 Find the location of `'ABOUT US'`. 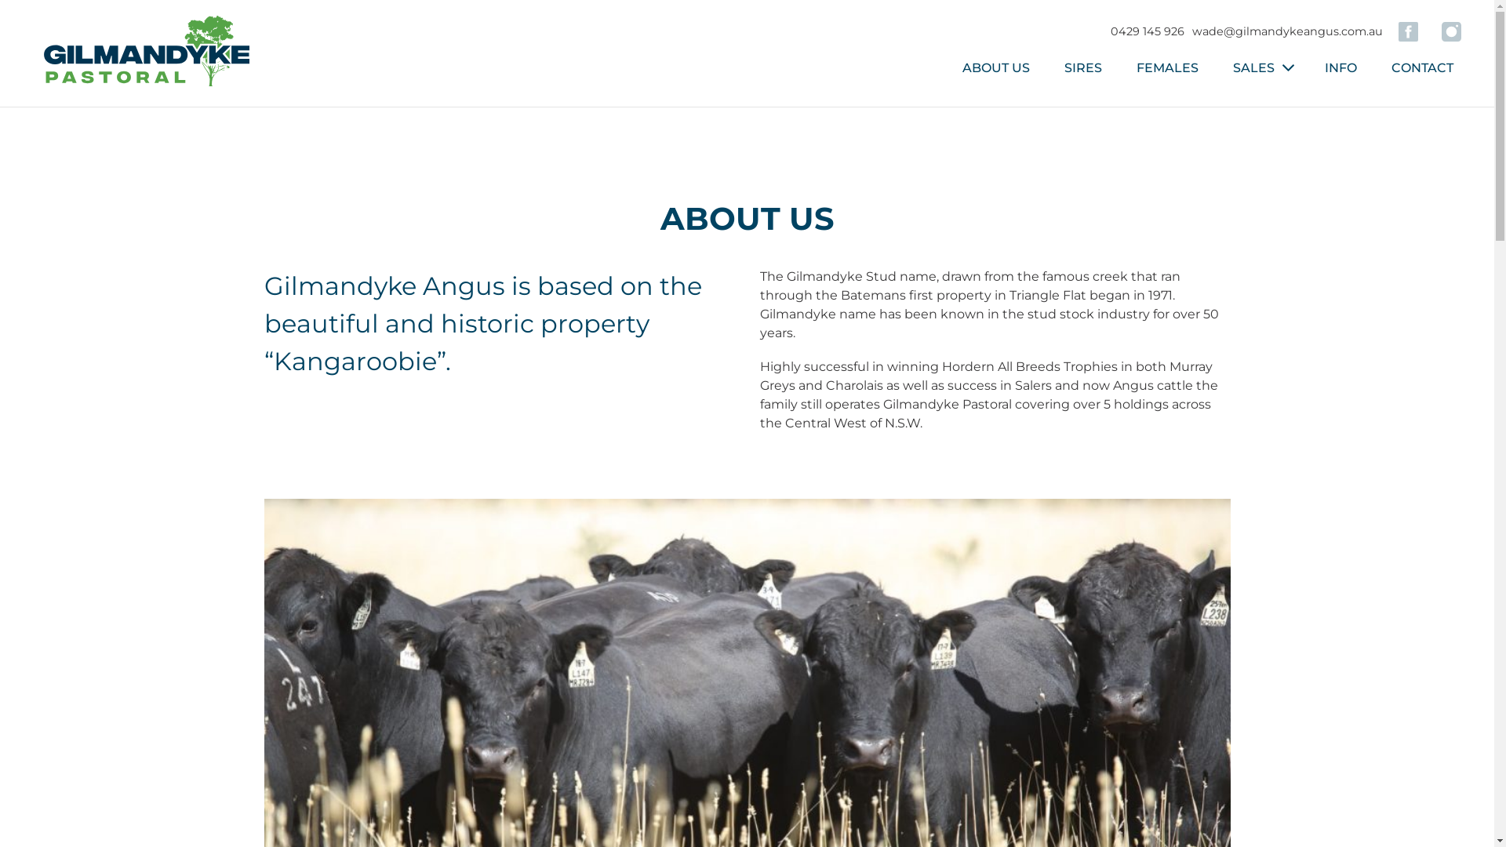

'ABOUT US' is located at coordinates (995, 67).